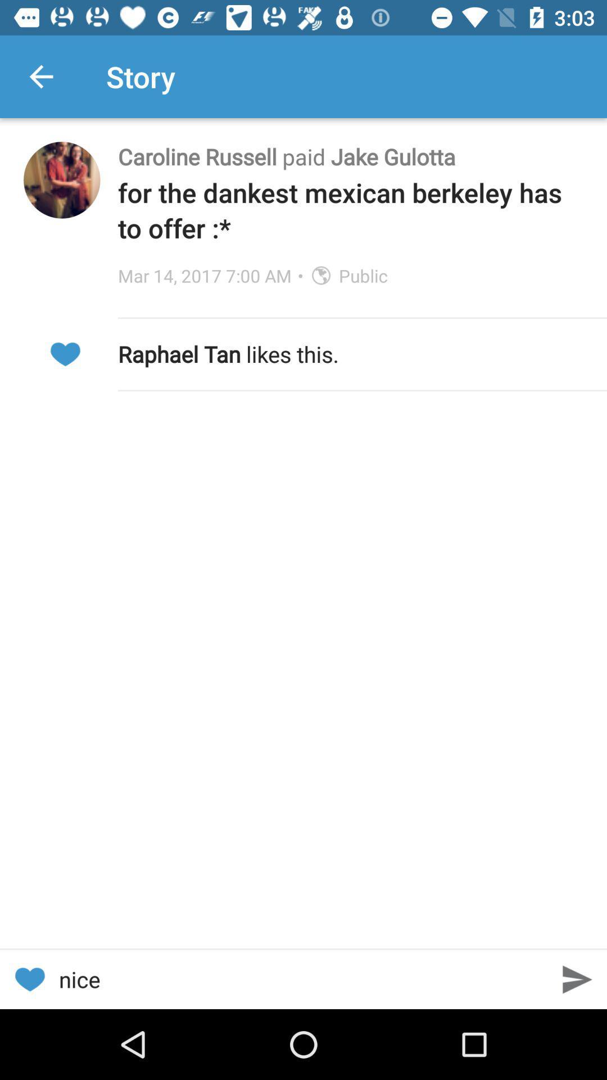 This screenshot has height=1080, width=607. I want to click on the send icon, so click(577, 979).